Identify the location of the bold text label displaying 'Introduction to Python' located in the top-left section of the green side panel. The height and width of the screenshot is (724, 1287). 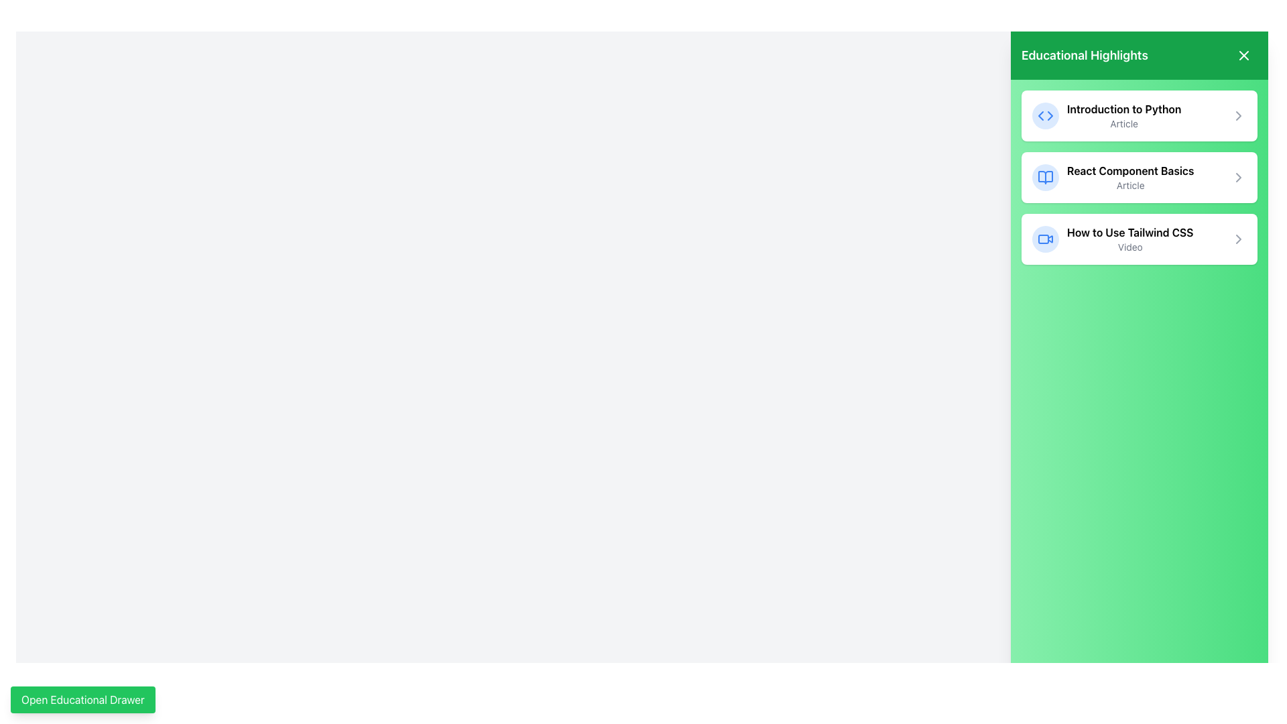
(1124, 108).